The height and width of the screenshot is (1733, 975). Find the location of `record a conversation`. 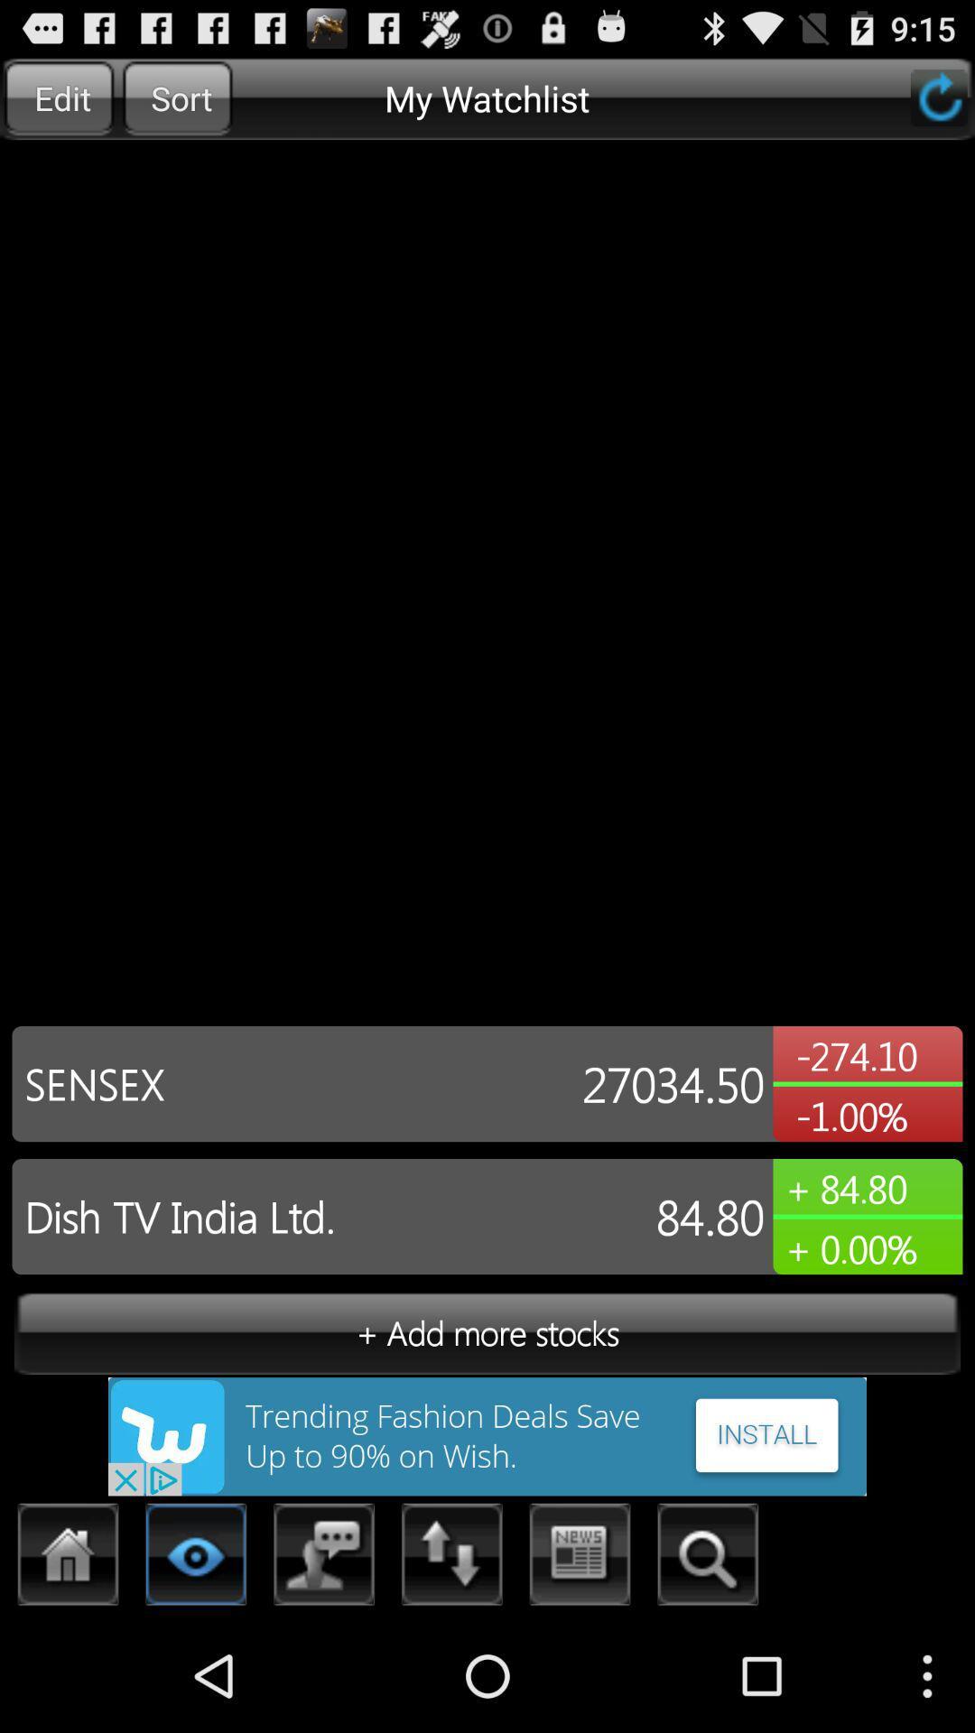

record a conversation is located at coordinates (323, 1559).